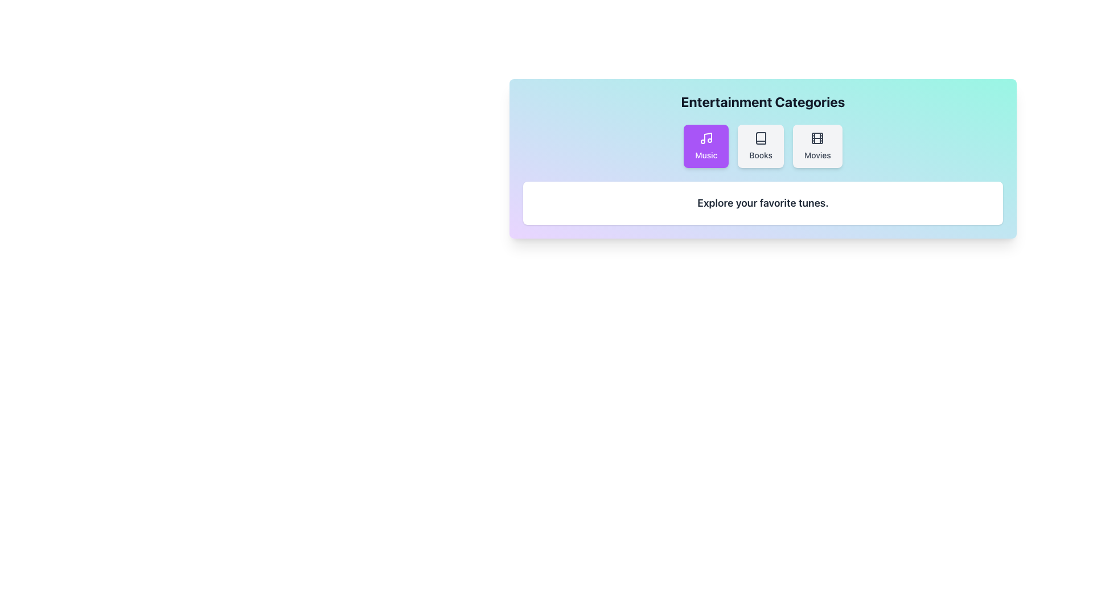 This screenshot has width=1093, height=615. Describe the element at coordinates (817, 146) in the screenshot. I see `the button labeled 'Movies' which is the third button in a row of three buttons in the 'Entertainment Categories' section` at that location.